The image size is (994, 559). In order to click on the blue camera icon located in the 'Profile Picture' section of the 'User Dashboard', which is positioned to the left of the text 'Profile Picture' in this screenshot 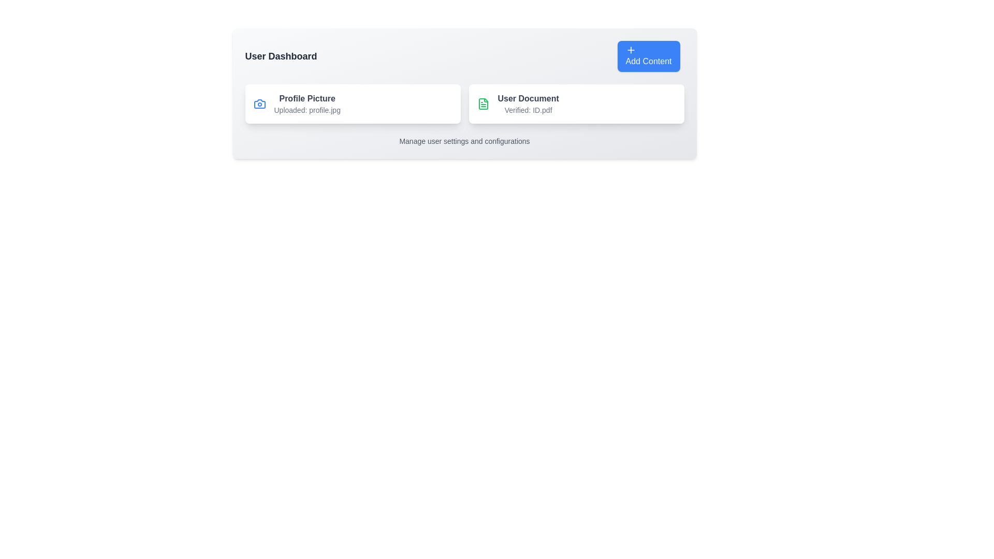, I will do `click(259, 104)`.